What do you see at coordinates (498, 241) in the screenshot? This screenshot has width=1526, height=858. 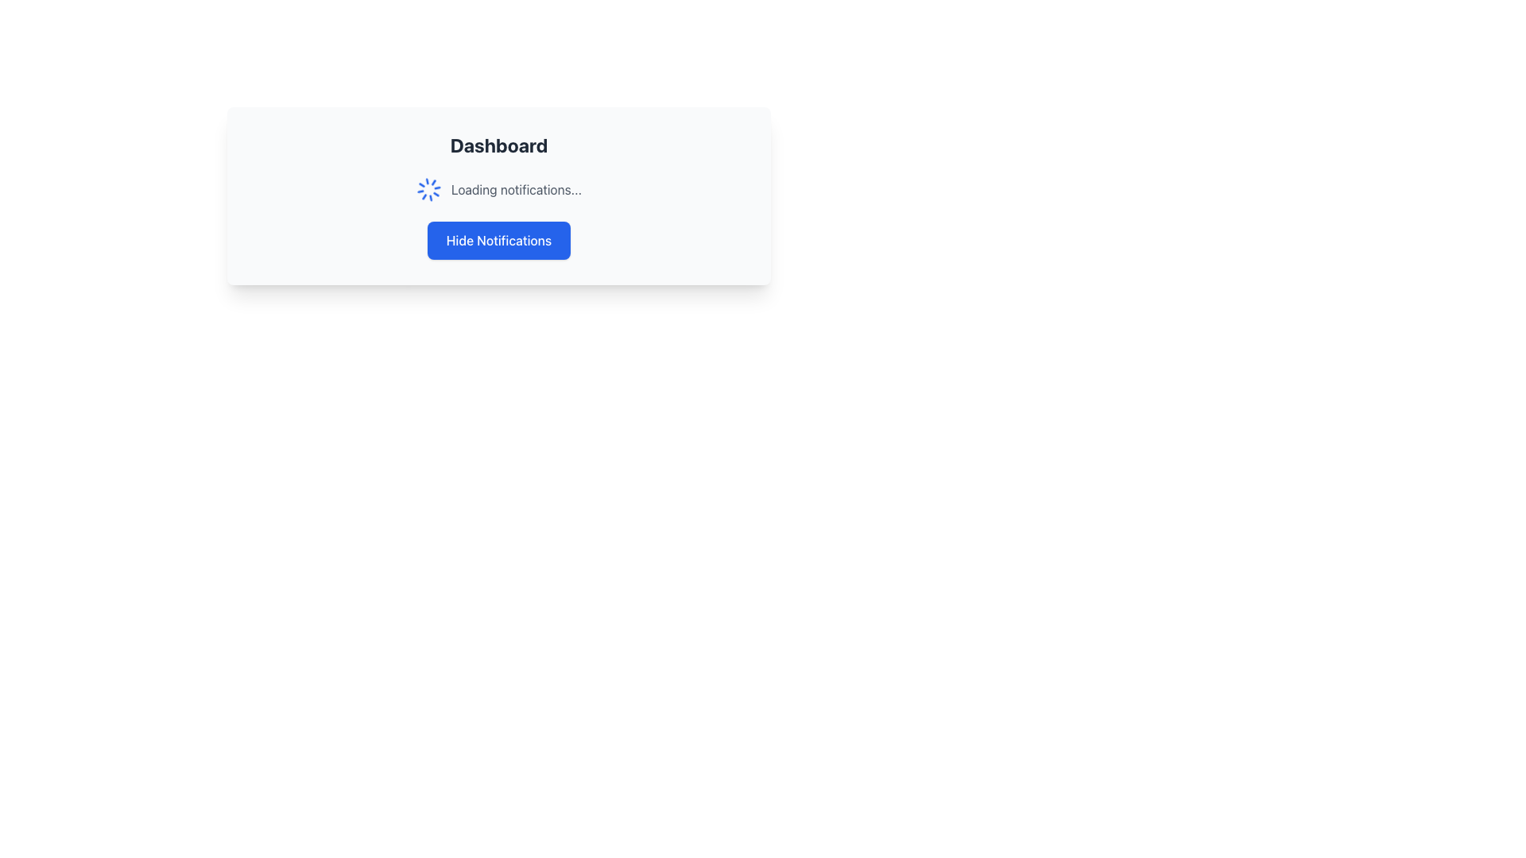 I see `the rectangular button with a blue background and white text reading 'Hide Notifications' to hide notifications` at bounding box center [498, 241].